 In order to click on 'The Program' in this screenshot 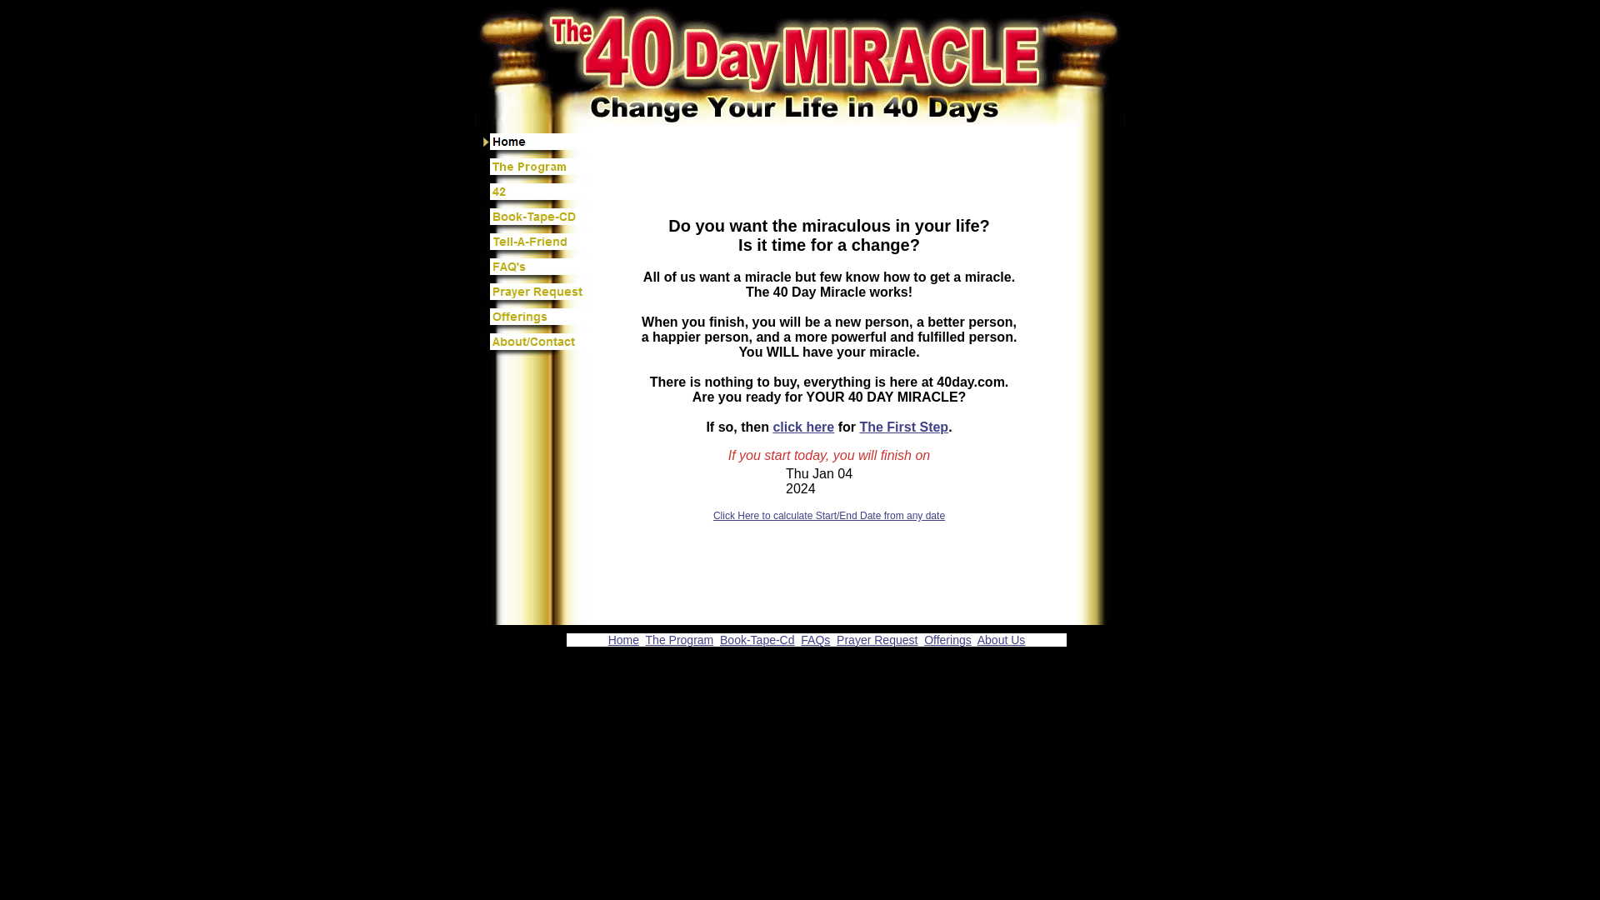, I will do `click(537, 170)`.